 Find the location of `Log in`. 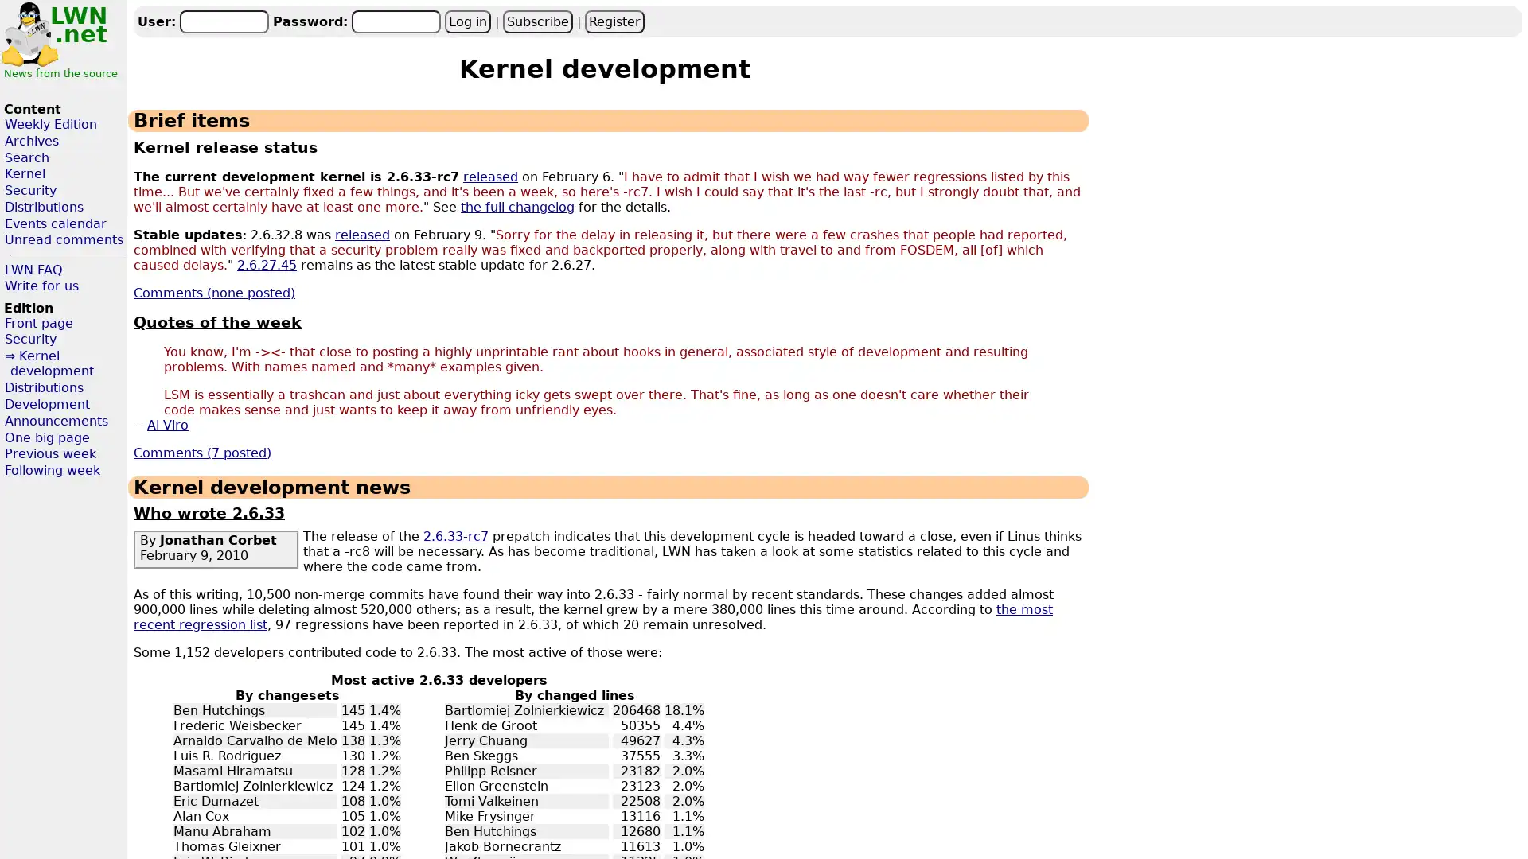

Log in is located at coordinates (466, 21).